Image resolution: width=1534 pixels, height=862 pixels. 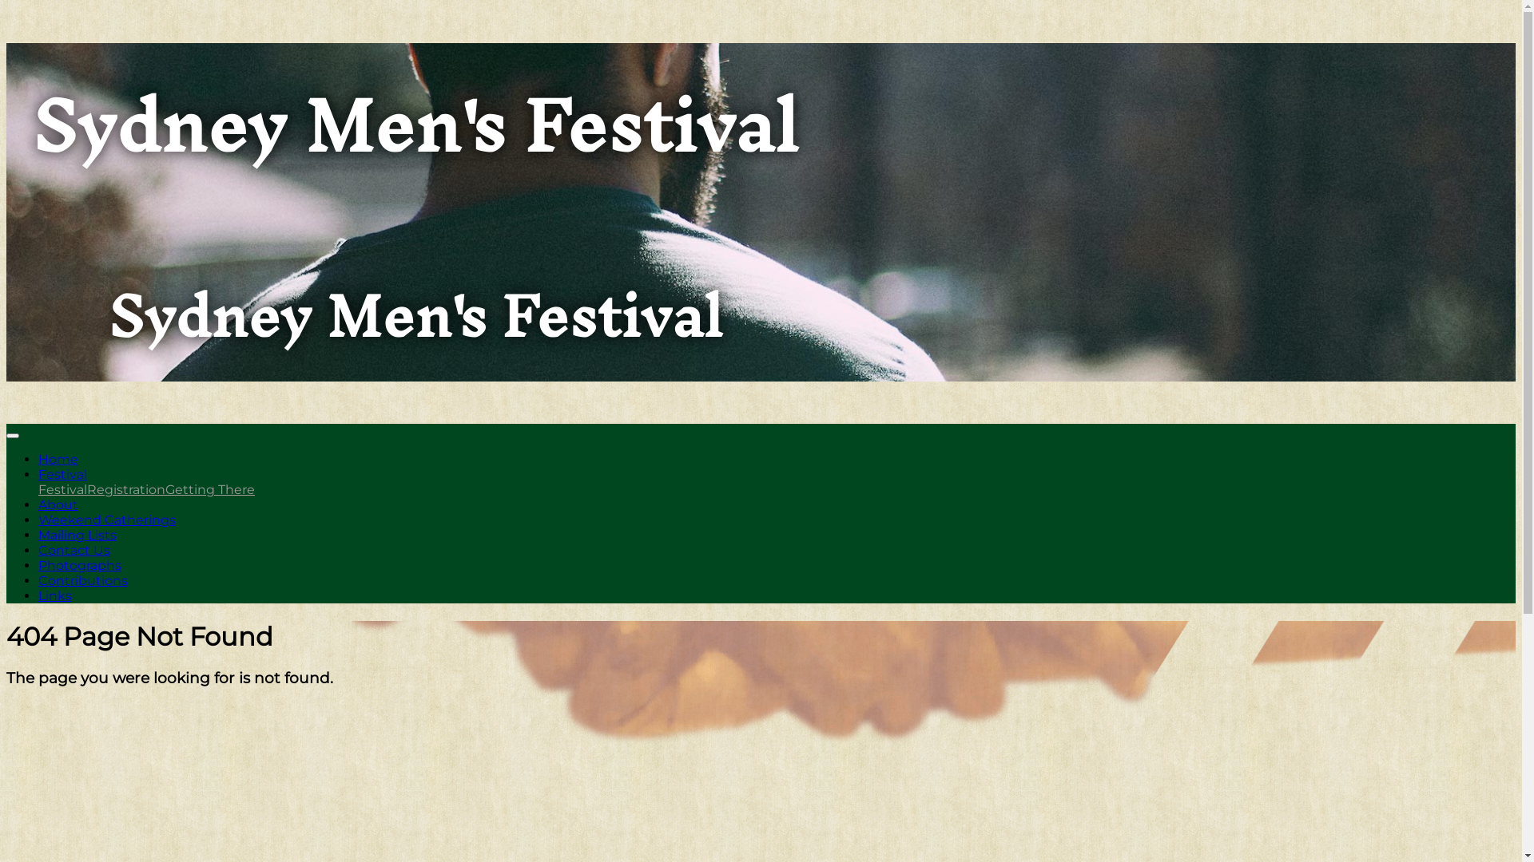 I want to click on 'Links', so click(x=54, y=595).